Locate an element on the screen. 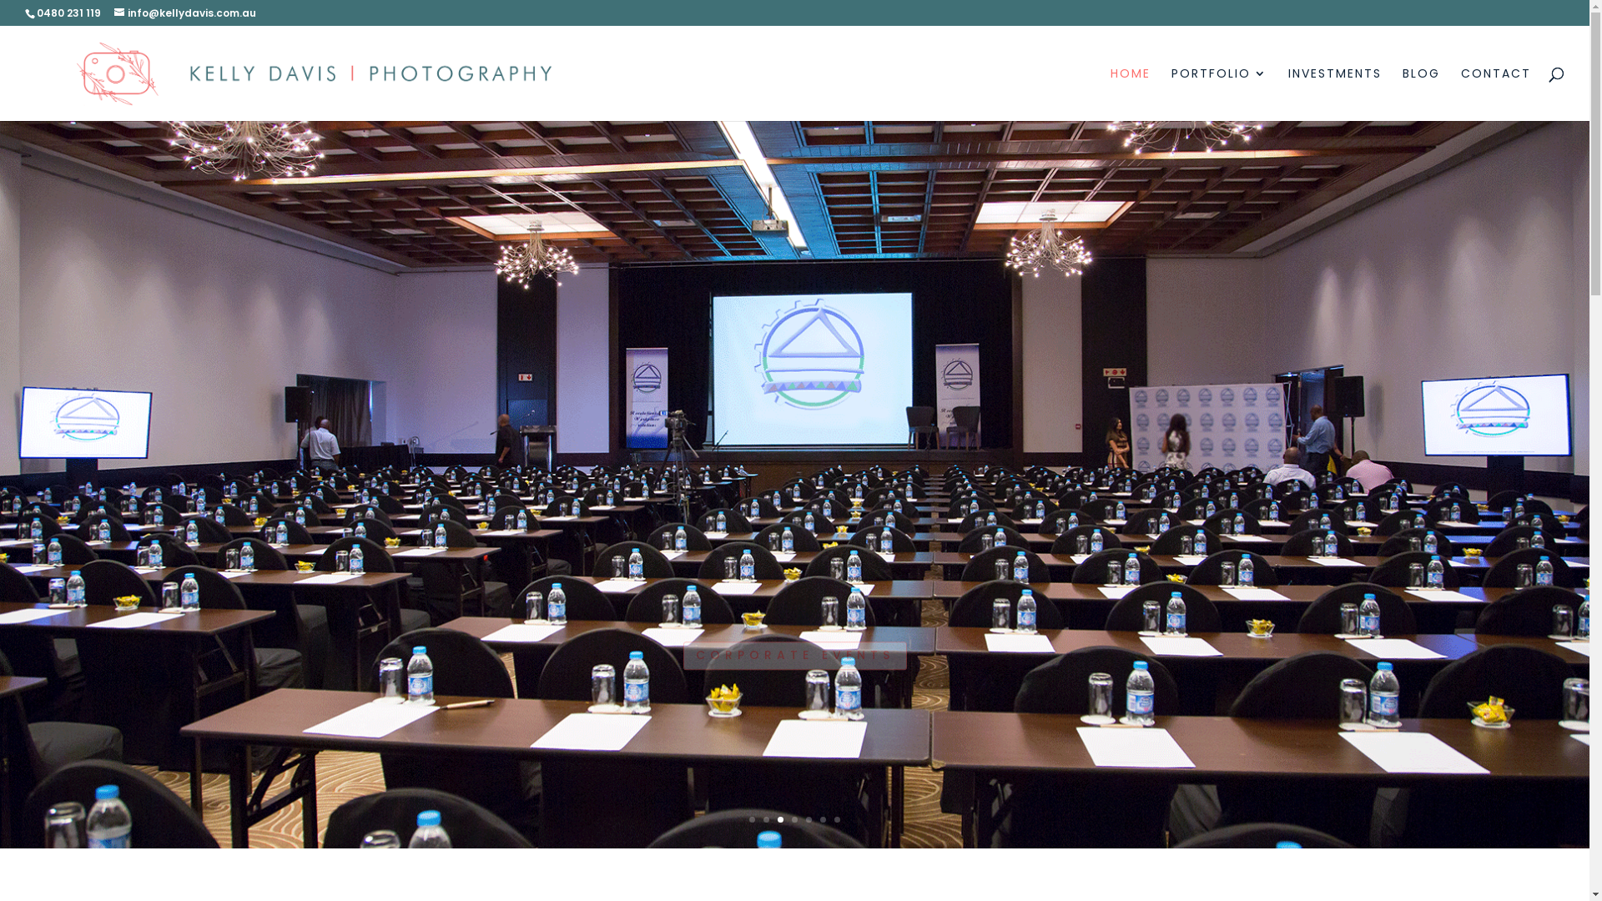  'PORTFOLIO' is located at coordinates (1219, 93).